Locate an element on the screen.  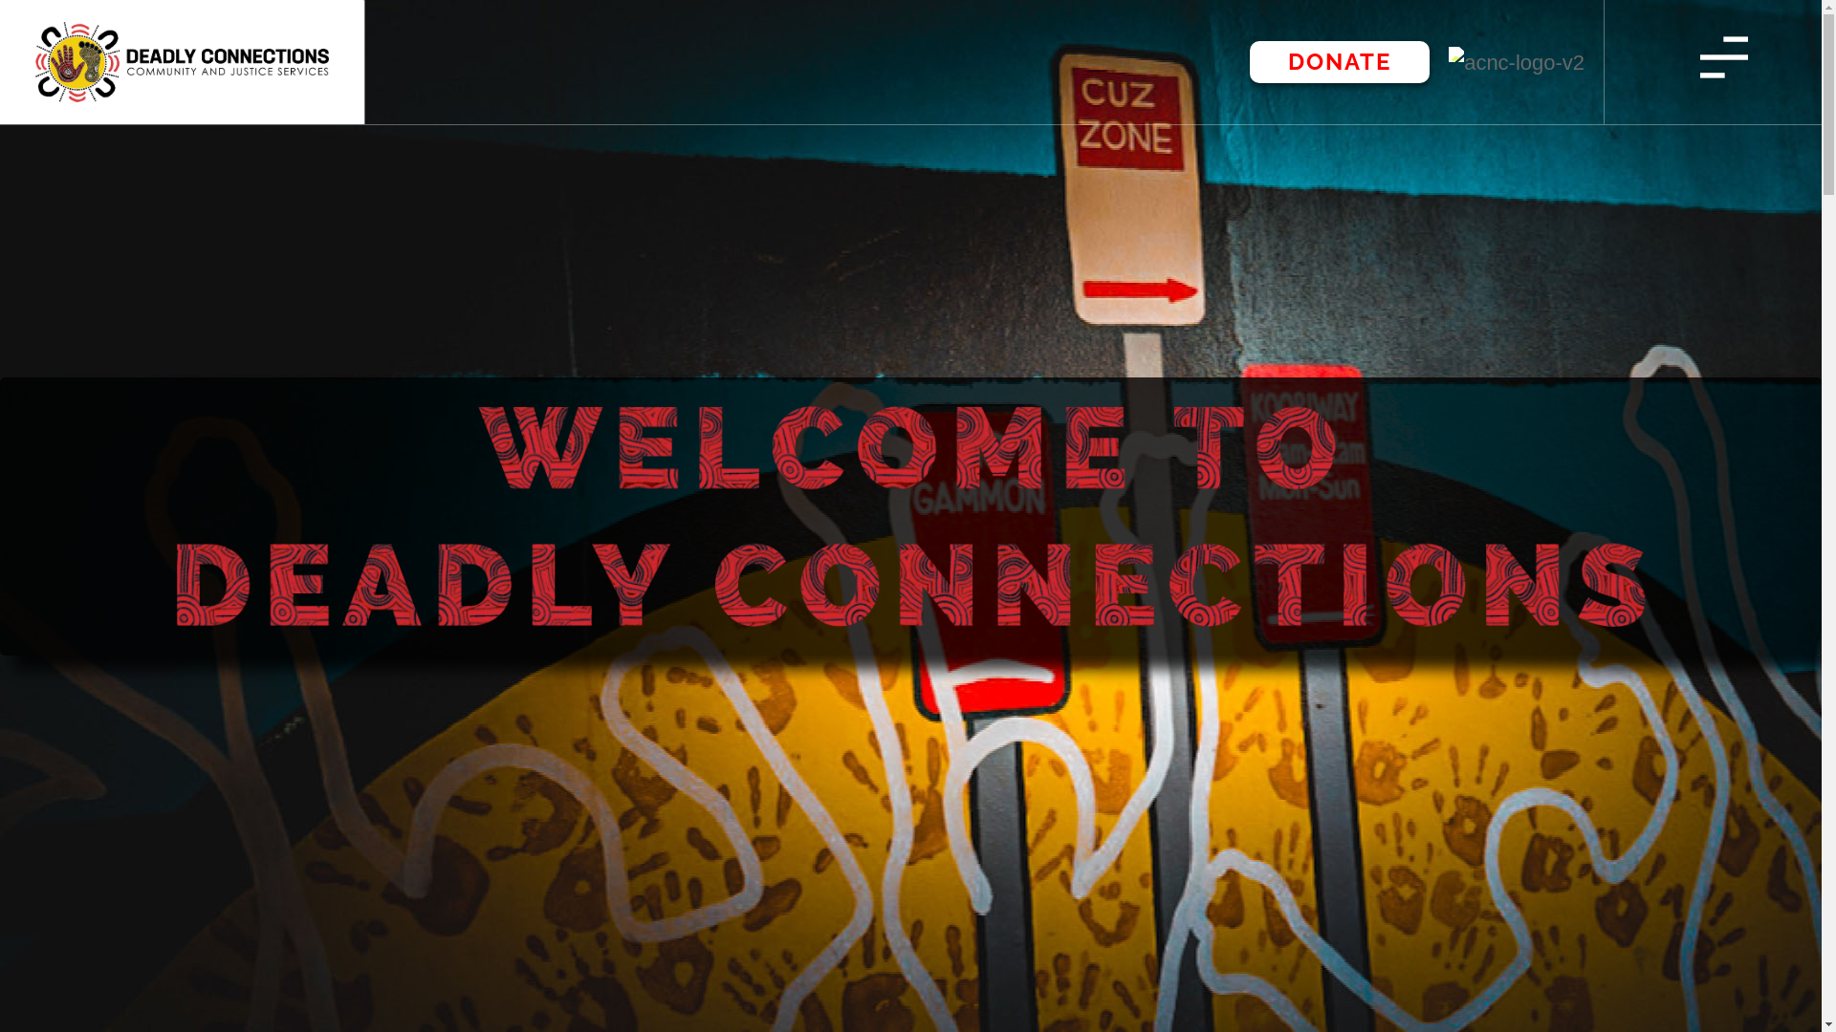
'DONATE' is located at coordinates (1339, 61).